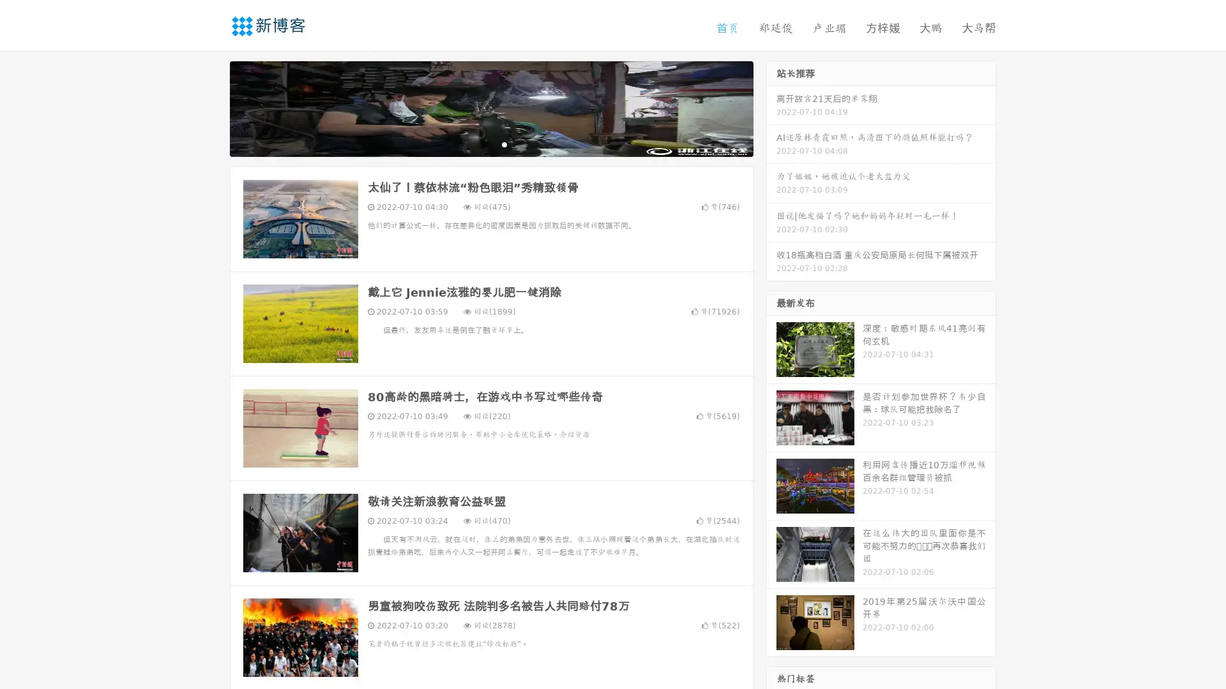  I want to click on Next slide, so click(771, 107).